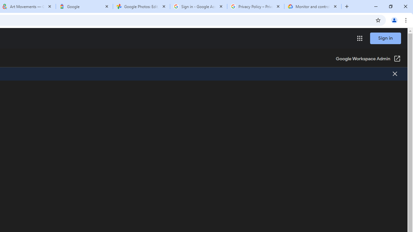  What do you see at coordinates (368, 59) in the screenshot?
I see `'Google Workspace Admin (Open in a new window)'` at bounding box center [368, 59].